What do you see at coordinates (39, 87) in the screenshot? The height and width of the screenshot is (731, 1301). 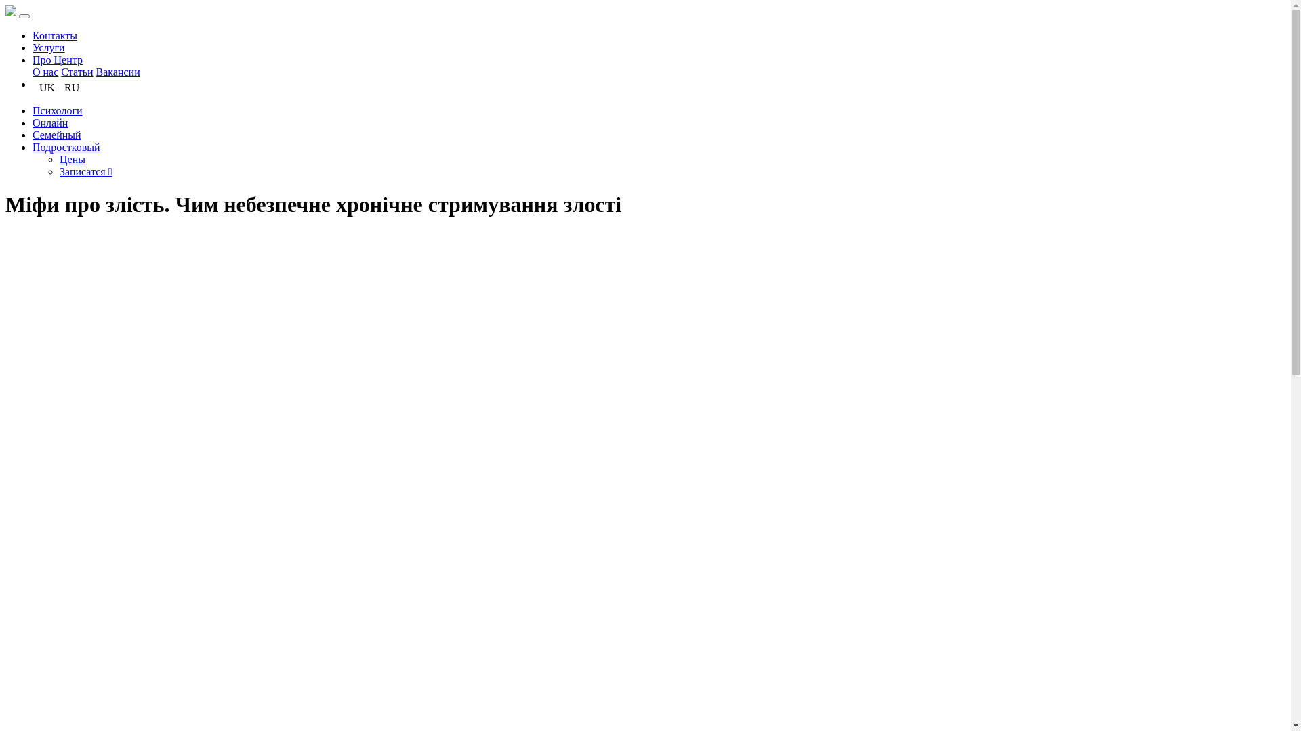 I see `'UK'` at bounding box center [39, 87].